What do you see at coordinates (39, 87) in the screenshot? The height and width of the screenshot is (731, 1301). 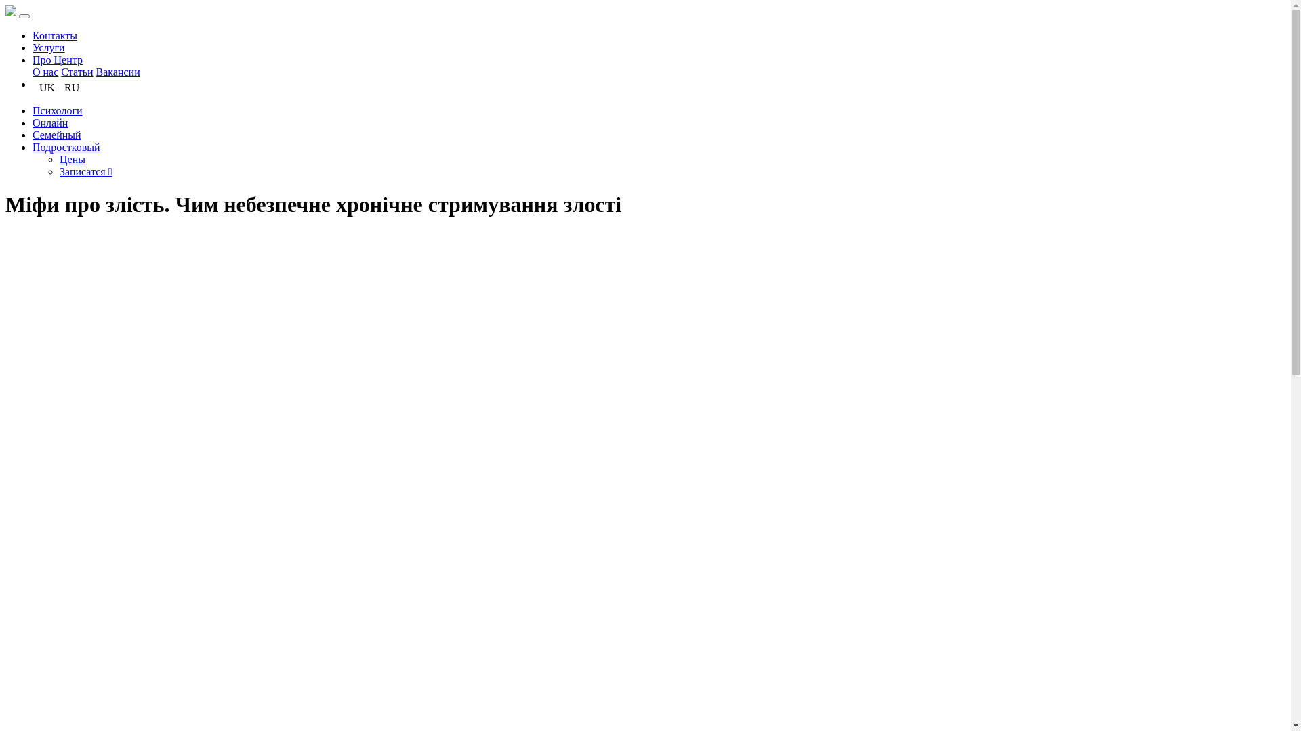 I see `'UK'` at bounding box center [39, 87].